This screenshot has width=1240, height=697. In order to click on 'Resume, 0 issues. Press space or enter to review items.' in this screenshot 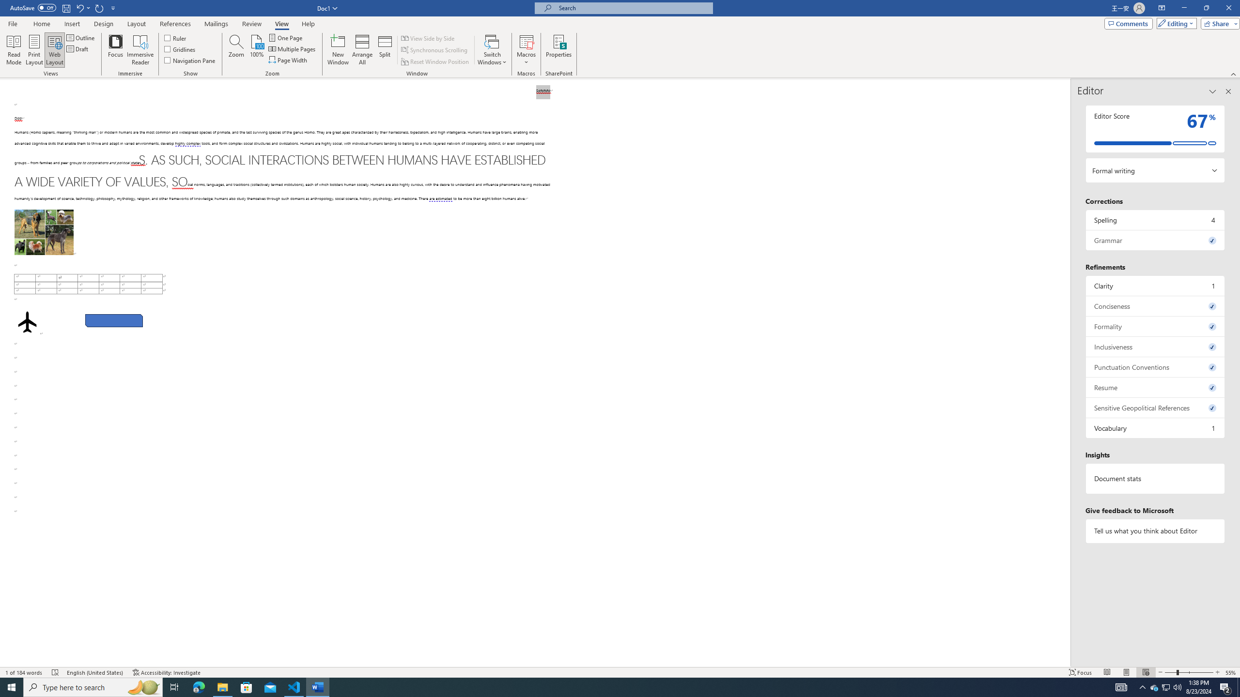, I will do `click(1155, 387)`.